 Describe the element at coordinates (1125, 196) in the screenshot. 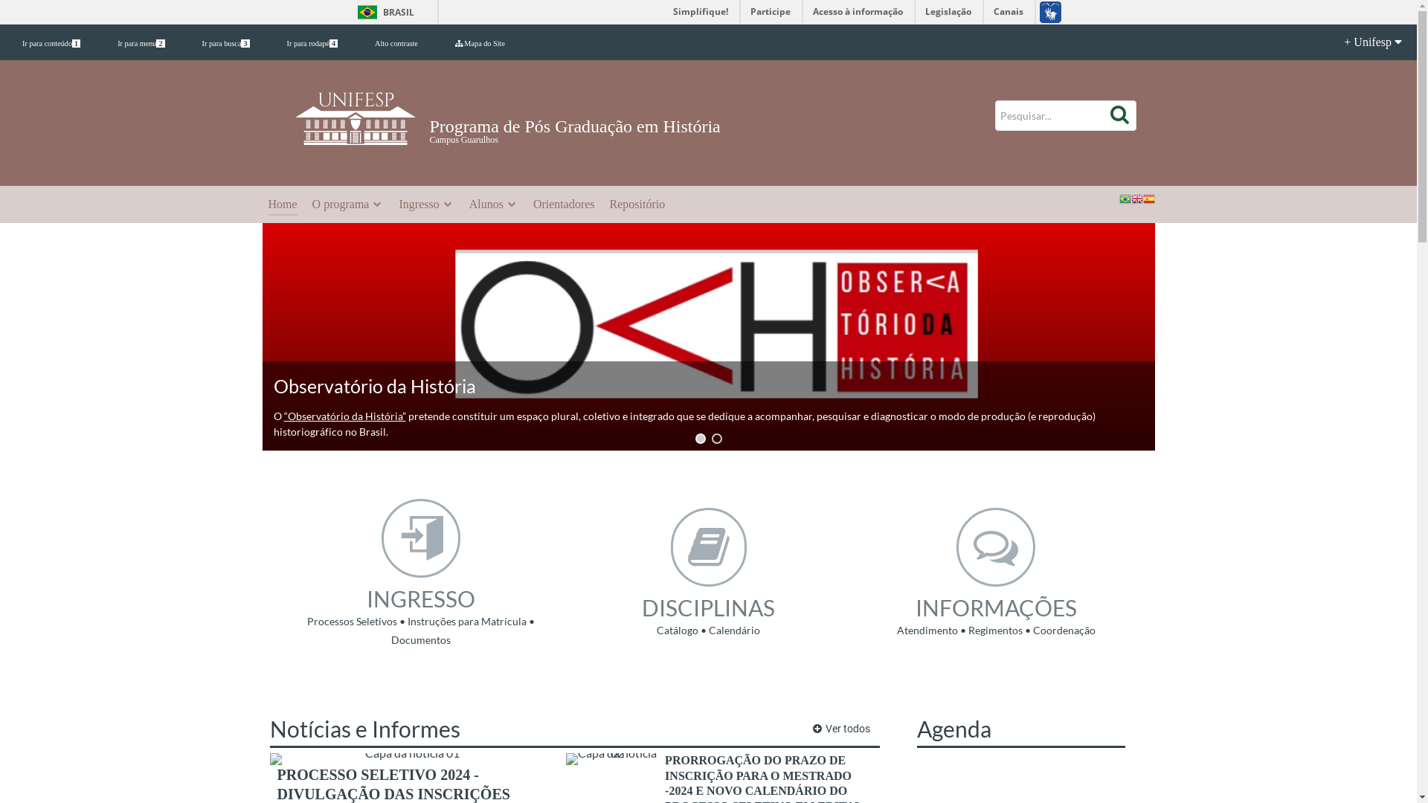

I see `'Portuguese'` at that location.